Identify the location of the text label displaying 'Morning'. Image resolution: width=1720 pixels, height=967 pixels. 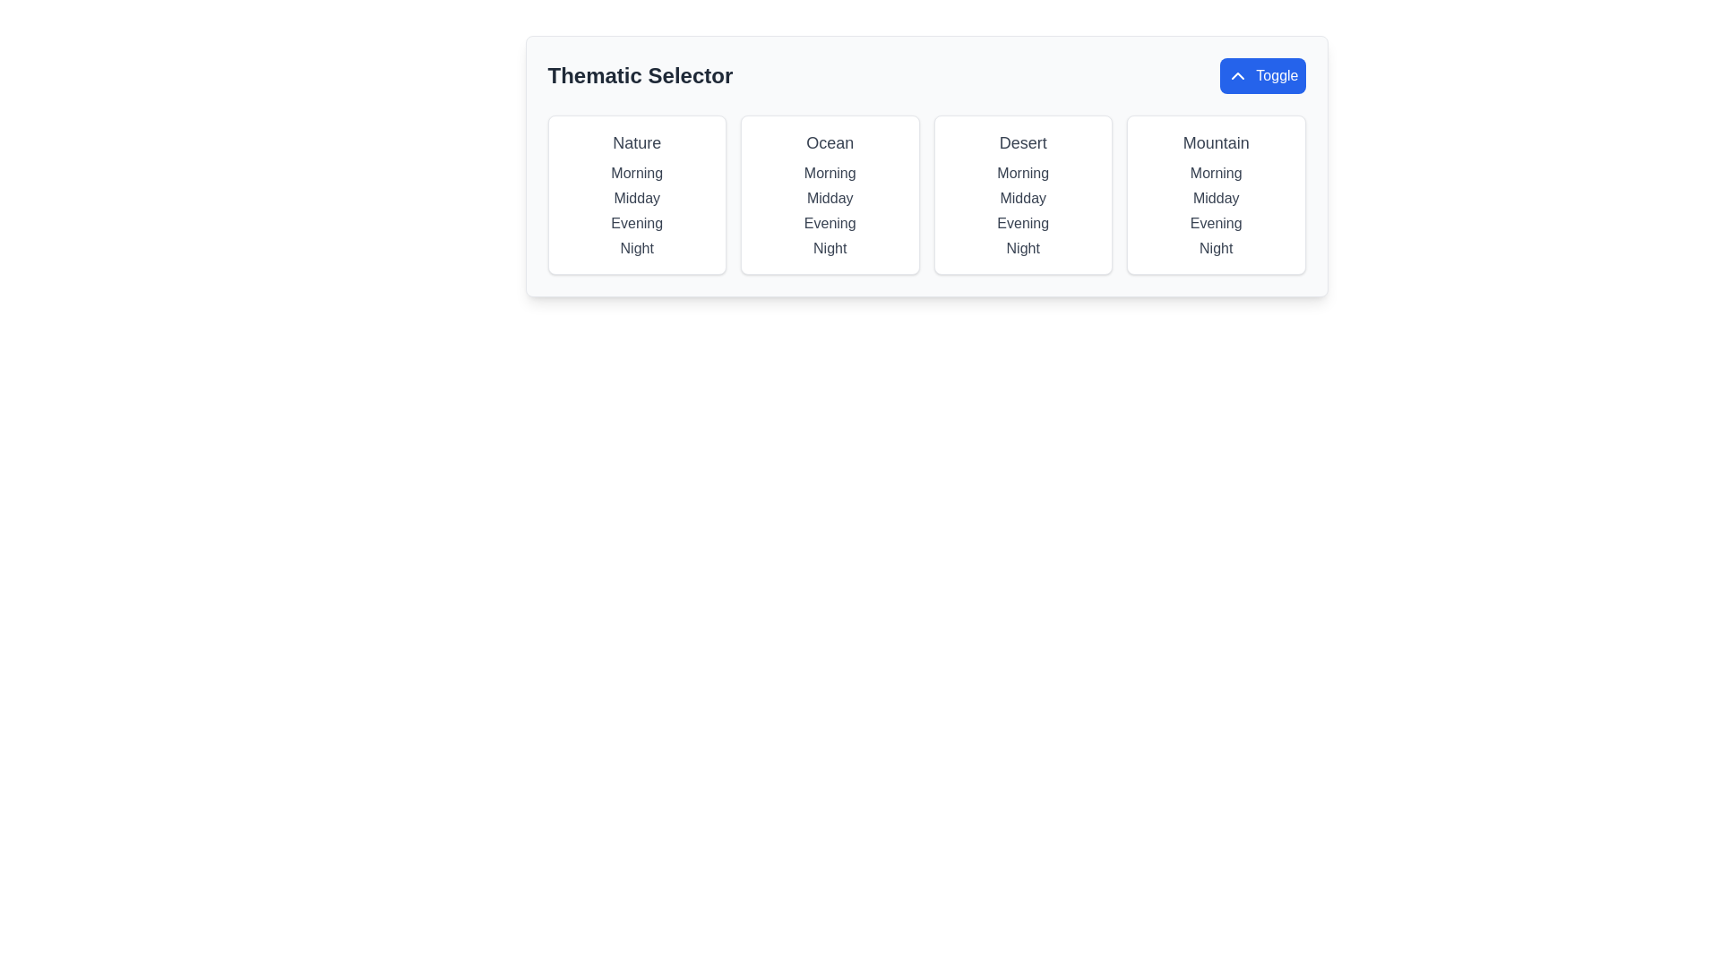
(637, 173).